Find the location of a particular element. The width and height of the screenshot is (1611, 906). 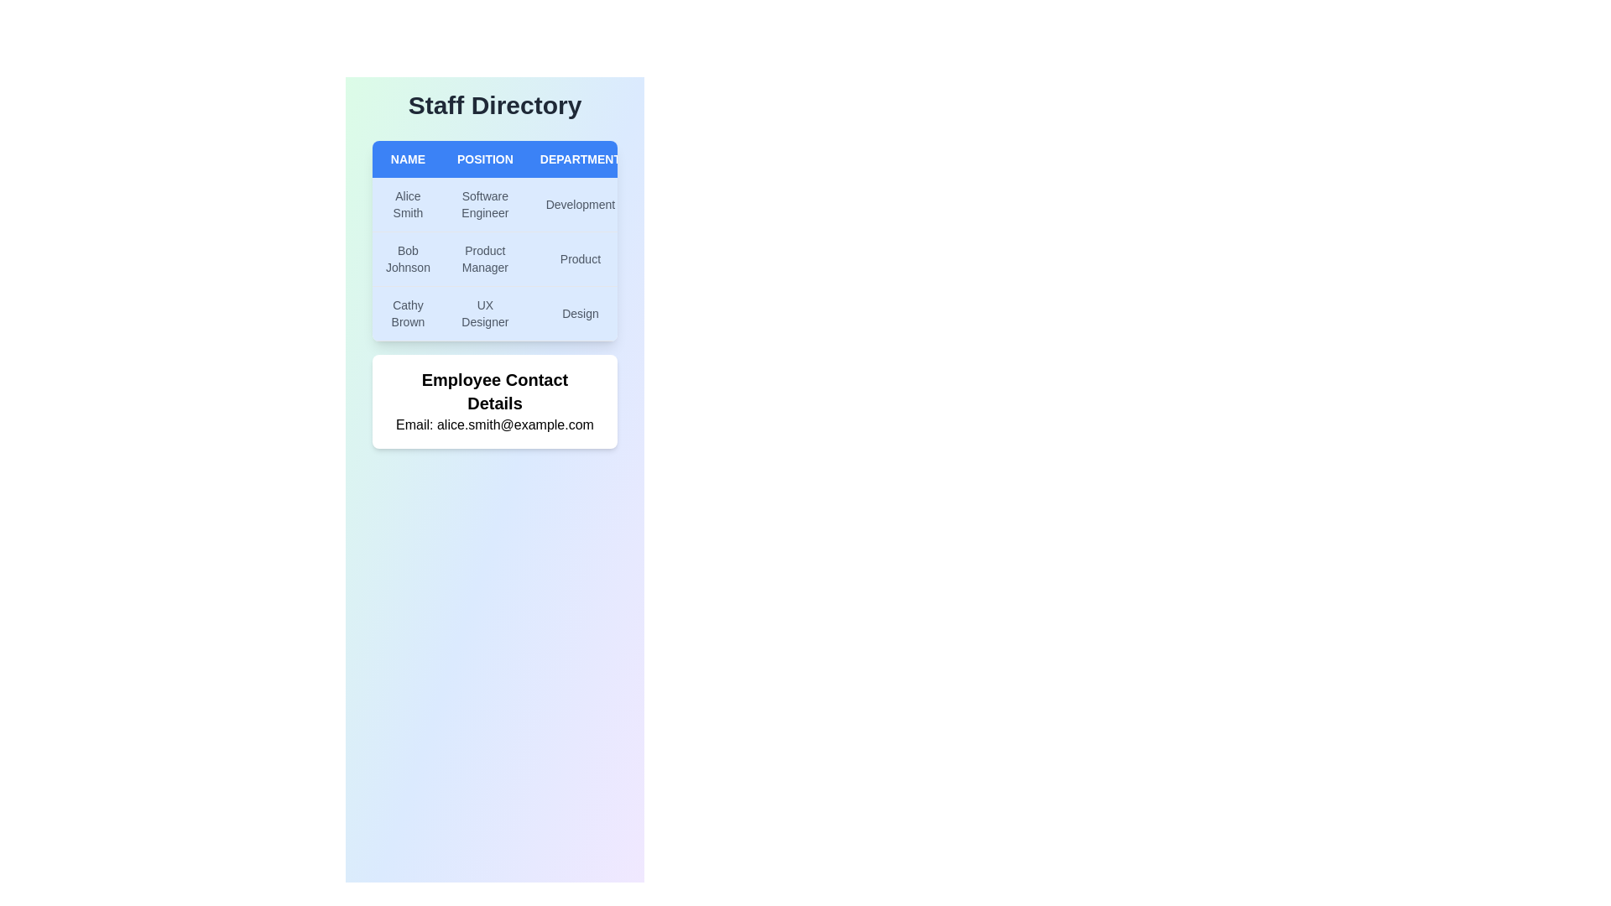

the table row containing detailed information on 'Bob Johnson' in the staff directory is located at coordinates (494, 241).